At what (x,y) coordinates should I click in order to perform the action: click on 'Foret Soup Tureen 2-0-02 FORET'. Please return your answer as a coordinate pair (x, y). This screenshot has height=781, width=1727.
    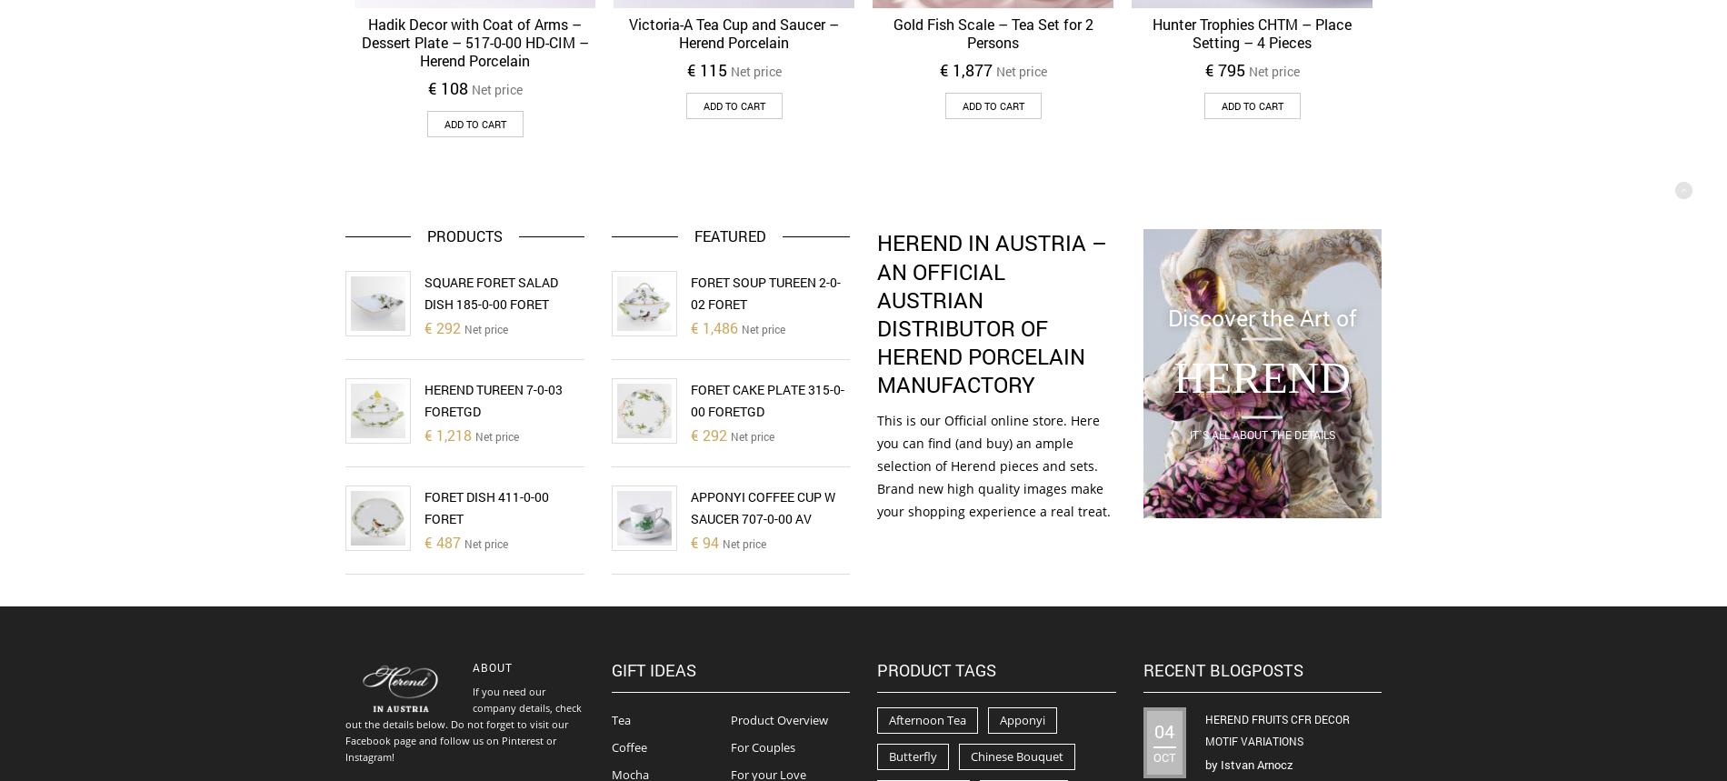
    Looking at the image, I should click on (764, 293).